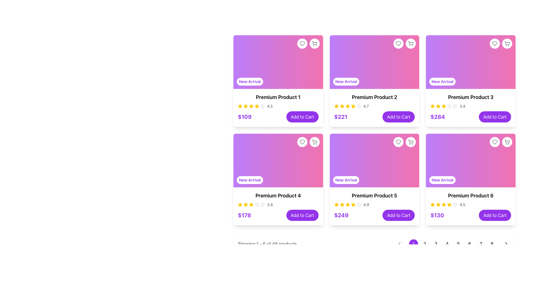  I want to click on the downward-pointing chevron arrow icon located in the bottom-right corner of the interface, adjacent to the pagination controls, so click(399, 243).